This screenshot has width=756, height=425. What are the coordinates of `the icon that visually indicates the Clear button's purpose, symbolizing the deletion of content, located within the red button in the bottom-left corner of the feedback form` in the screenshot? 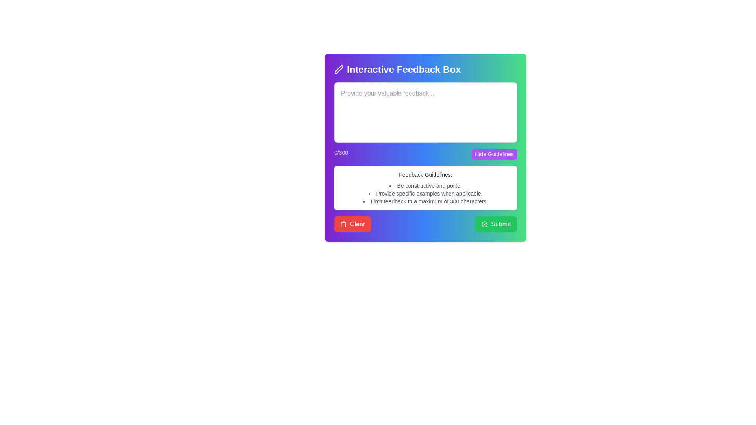 It's located at (344, 224).